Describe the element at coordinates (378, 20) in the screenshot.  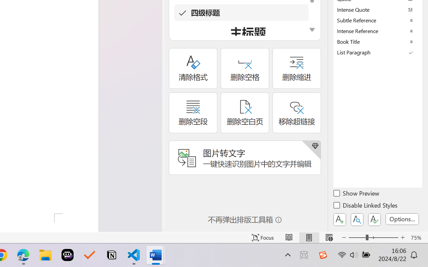
I see `'Subtle Reference'` at that location.